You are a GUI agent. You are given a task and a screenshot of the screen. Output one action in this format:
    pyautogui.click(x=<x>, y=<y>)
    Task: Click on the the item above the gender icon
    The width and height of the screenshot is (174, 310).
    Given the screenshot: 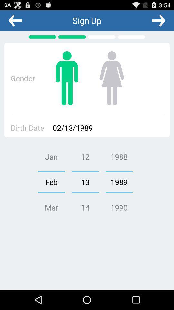 What is the action you would take?
    pyautogui.click(x=15, y=20)
    